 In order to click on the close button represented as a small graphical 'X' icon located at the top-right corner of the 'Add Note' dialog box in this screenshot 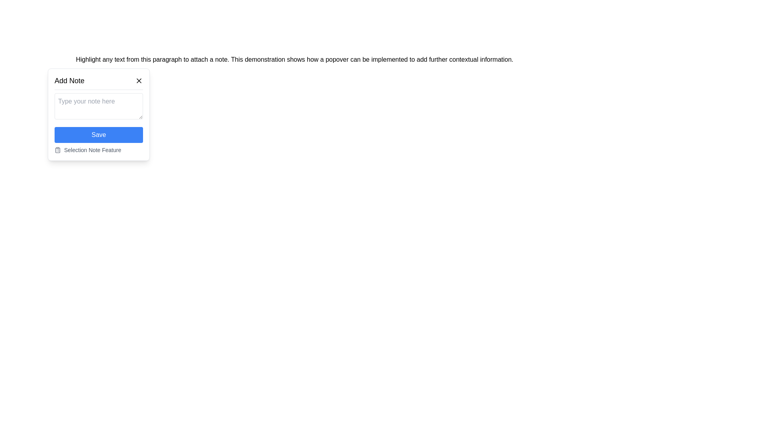, I will do `click(139, 81)`.